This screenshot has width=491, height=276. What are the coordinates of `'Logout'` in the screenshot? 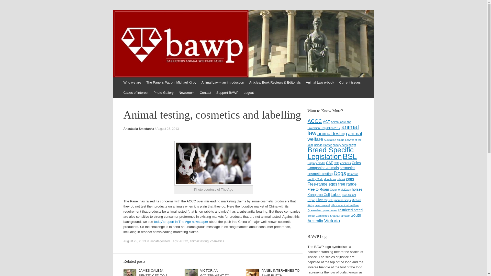 It's located at (241, 93).